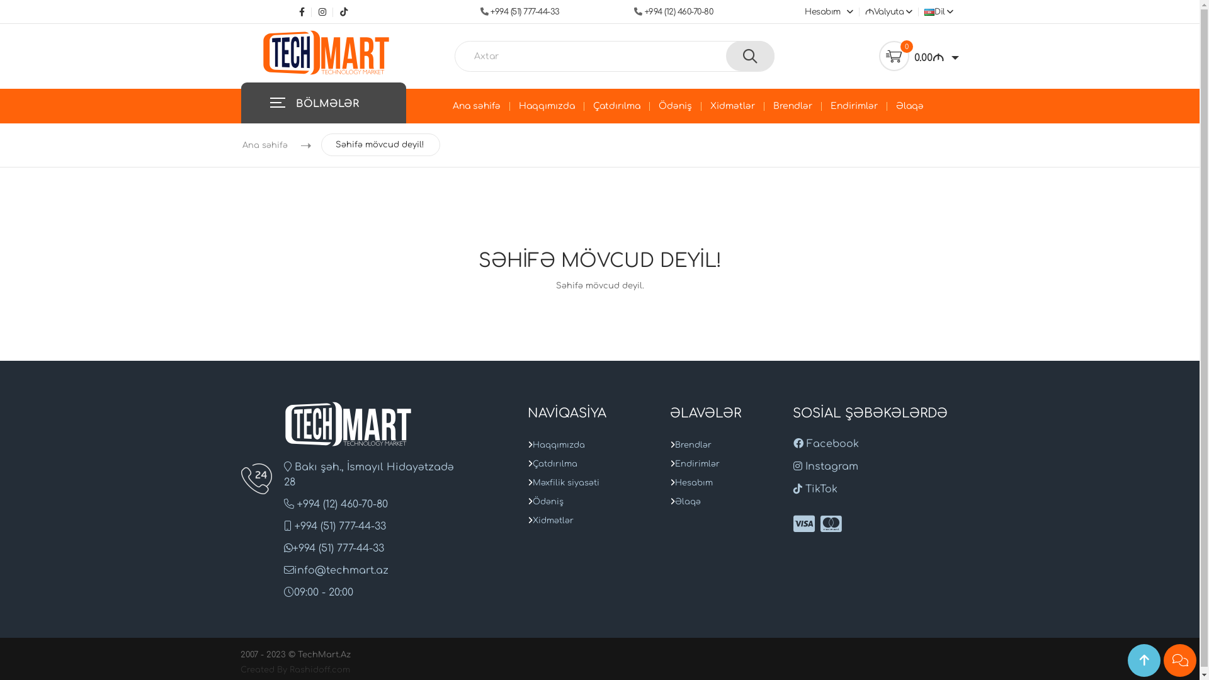 This screenshot has width=1209, height=680. Describe the element at coordinates (295, 669) in the screenshot. I see `'Created By Rashidoff.com'` at that location.